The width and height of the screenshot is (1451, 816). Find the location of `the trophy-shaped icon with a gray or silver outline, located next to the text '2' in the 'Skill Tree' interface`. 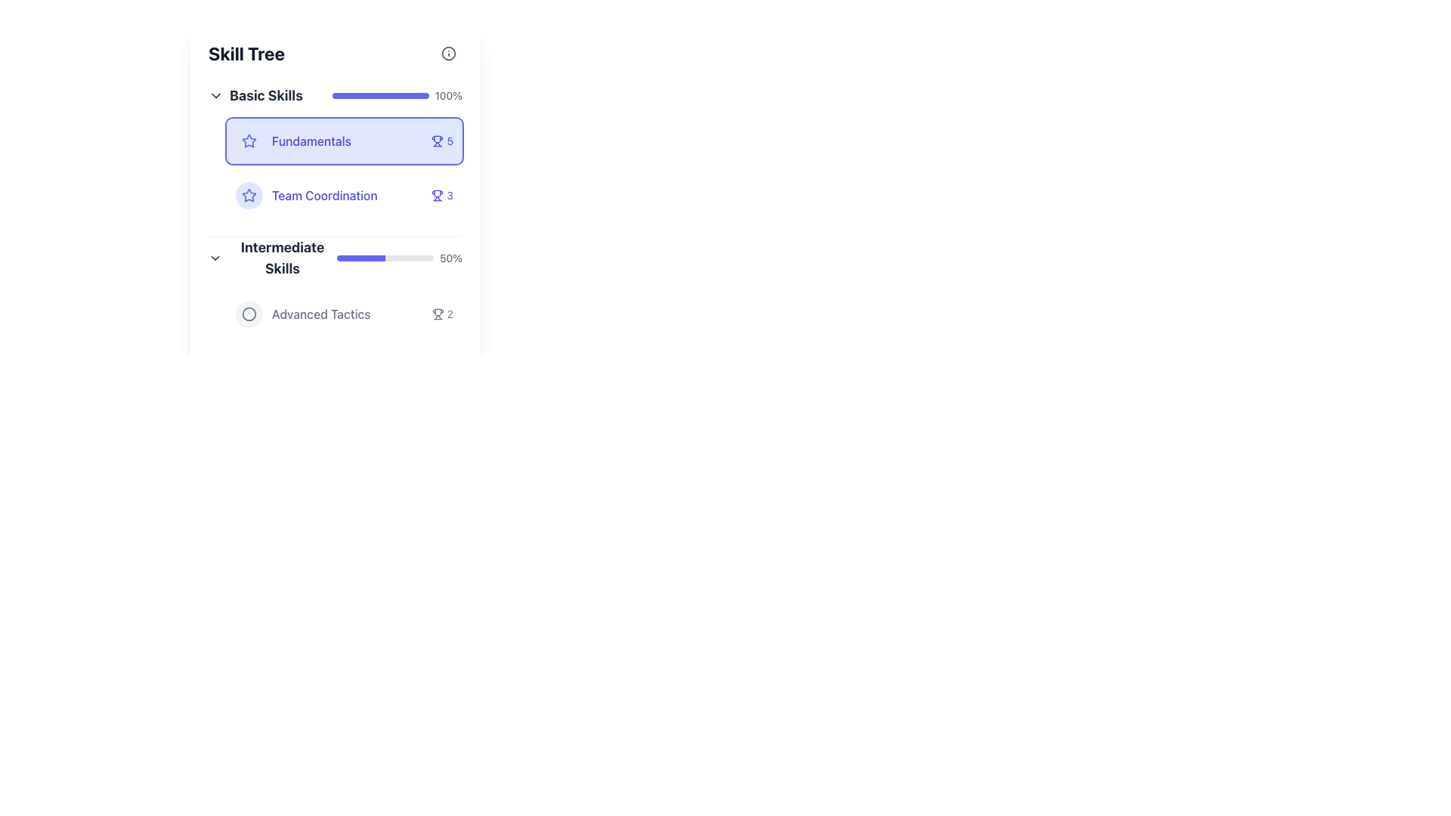

the trophy-shaped icon with a gray or silver outline, located next to the text '2' in the 'Skill Tree' interface is located at coordinates (437, 314).